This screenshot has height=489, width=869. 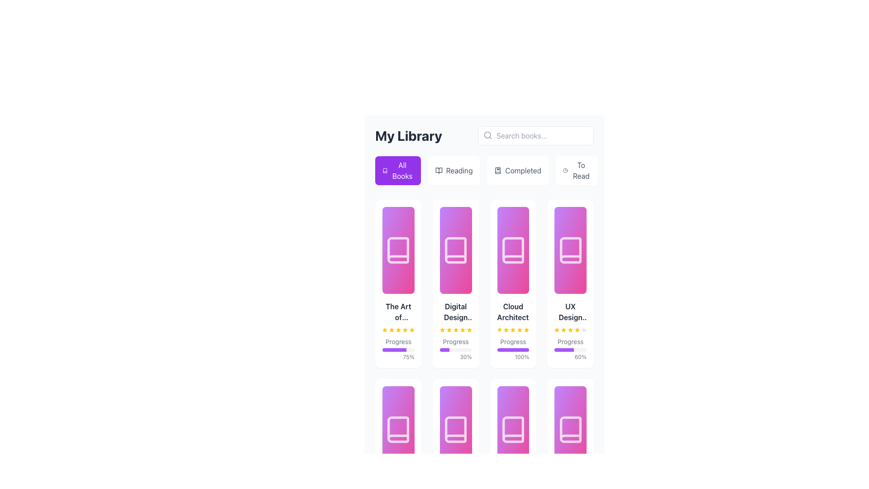 What do you see at coordinates (456, 312) in the screenshot?
I see `text from the bold dark gray text label displaying 'Digital Design Principles', which is positioned at the top of its card-like layout, above the star rating section` at bounding box center [456, 312].